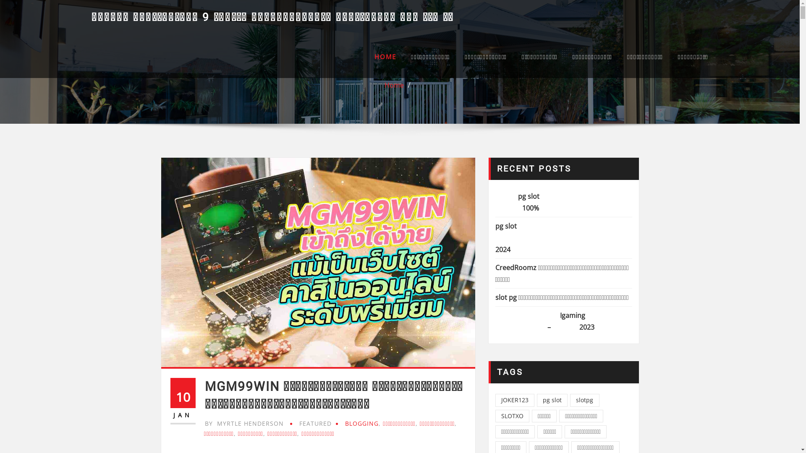 The image size is (806, 453). I want to click on 'Home', so click(384, 85).